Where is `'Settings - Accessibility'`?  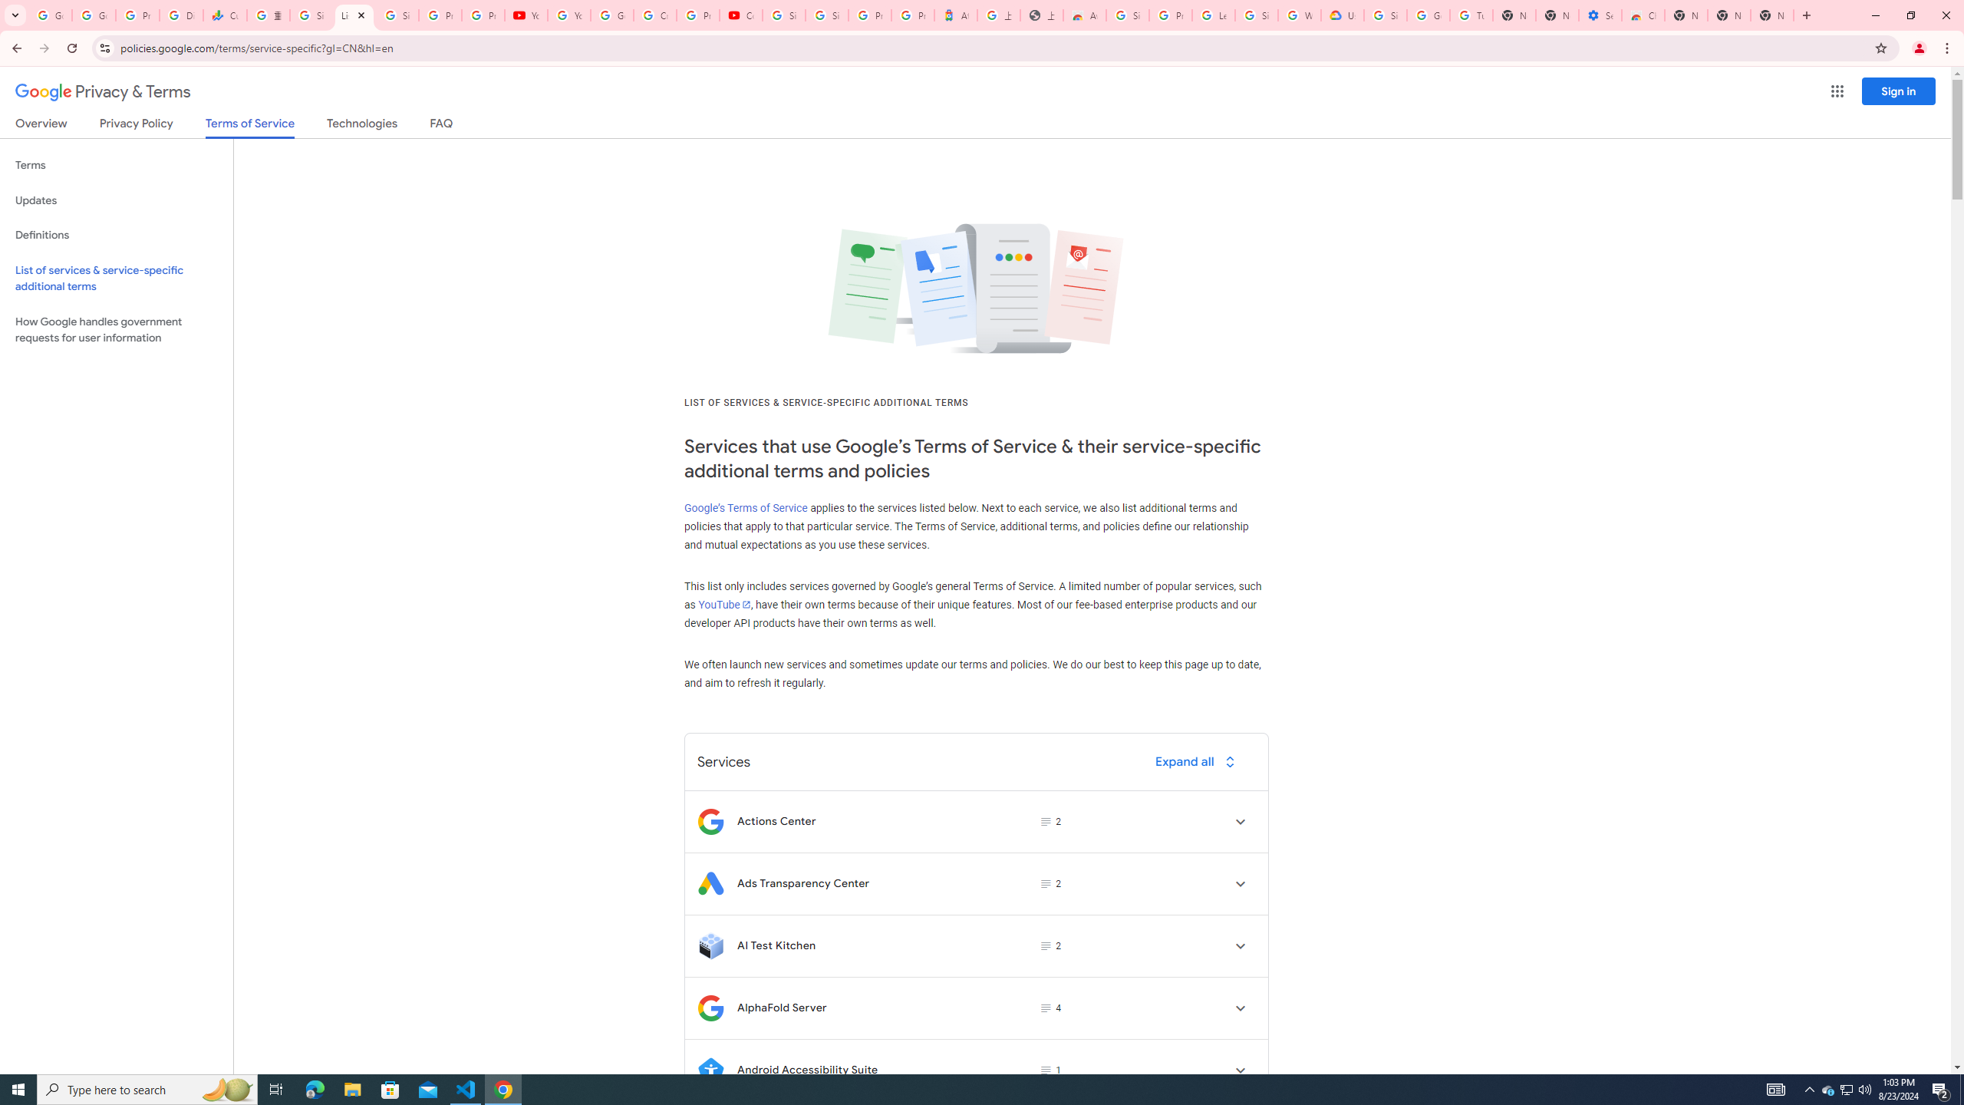
'Settings - Accessibility' is located at coordinates (1599, 15).